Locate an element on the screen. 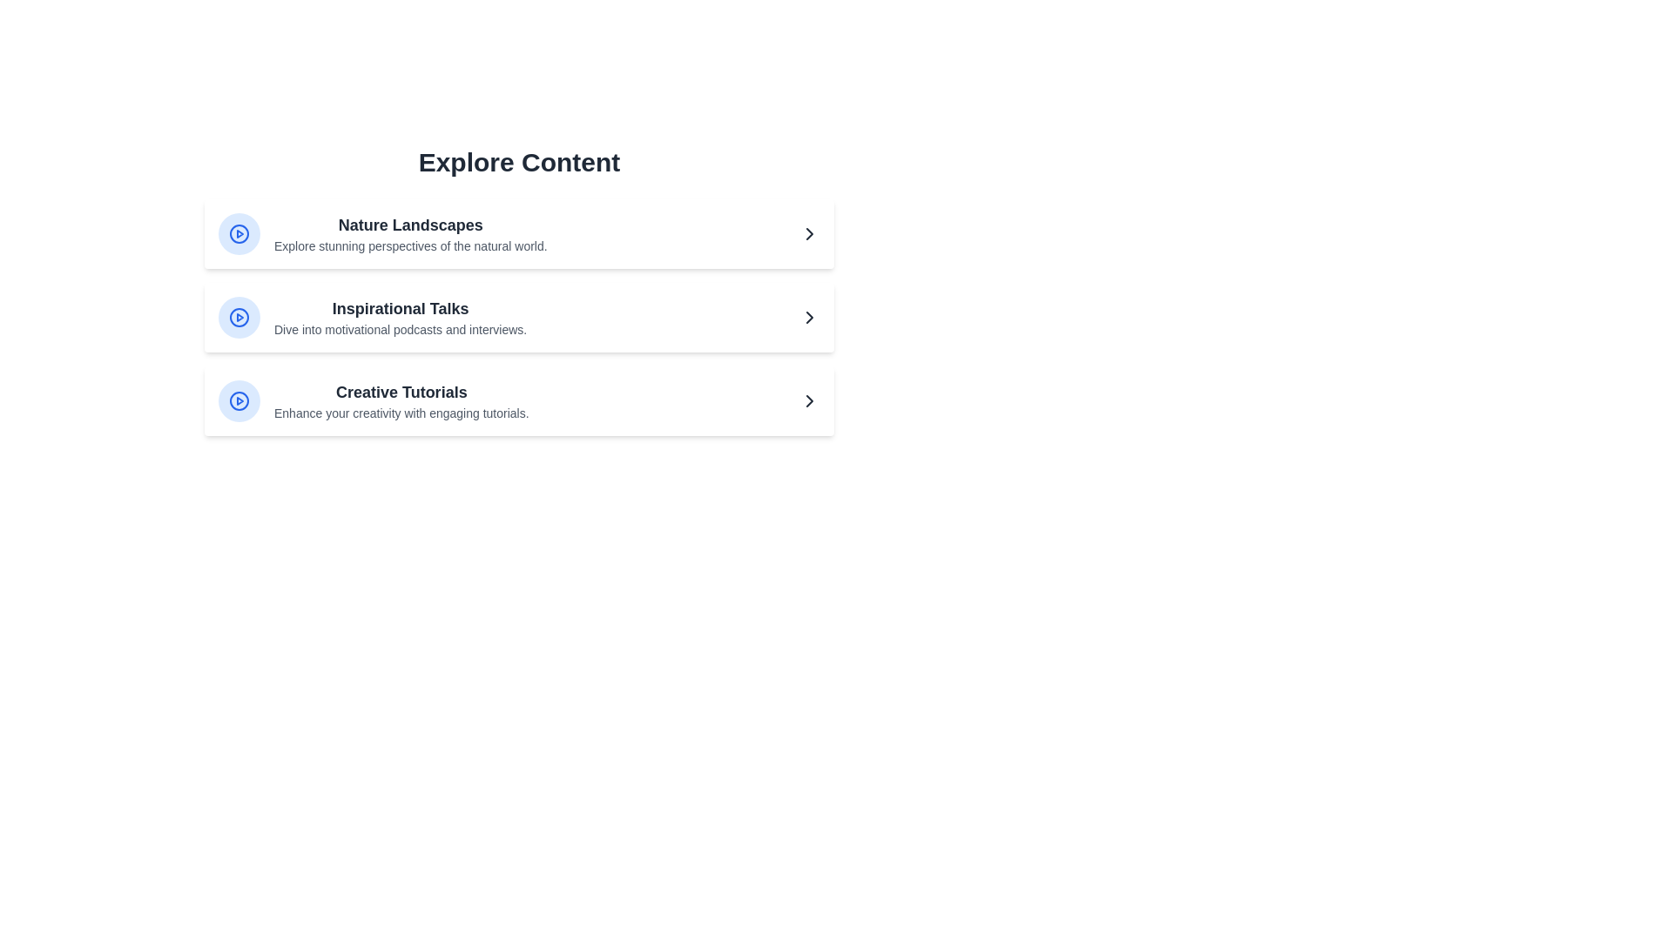 Image resolution: width=1672 pixels, height=940 pixels. the arrow button for Creative Tutorials to navigate to more details is located at coordinates (809, 401).